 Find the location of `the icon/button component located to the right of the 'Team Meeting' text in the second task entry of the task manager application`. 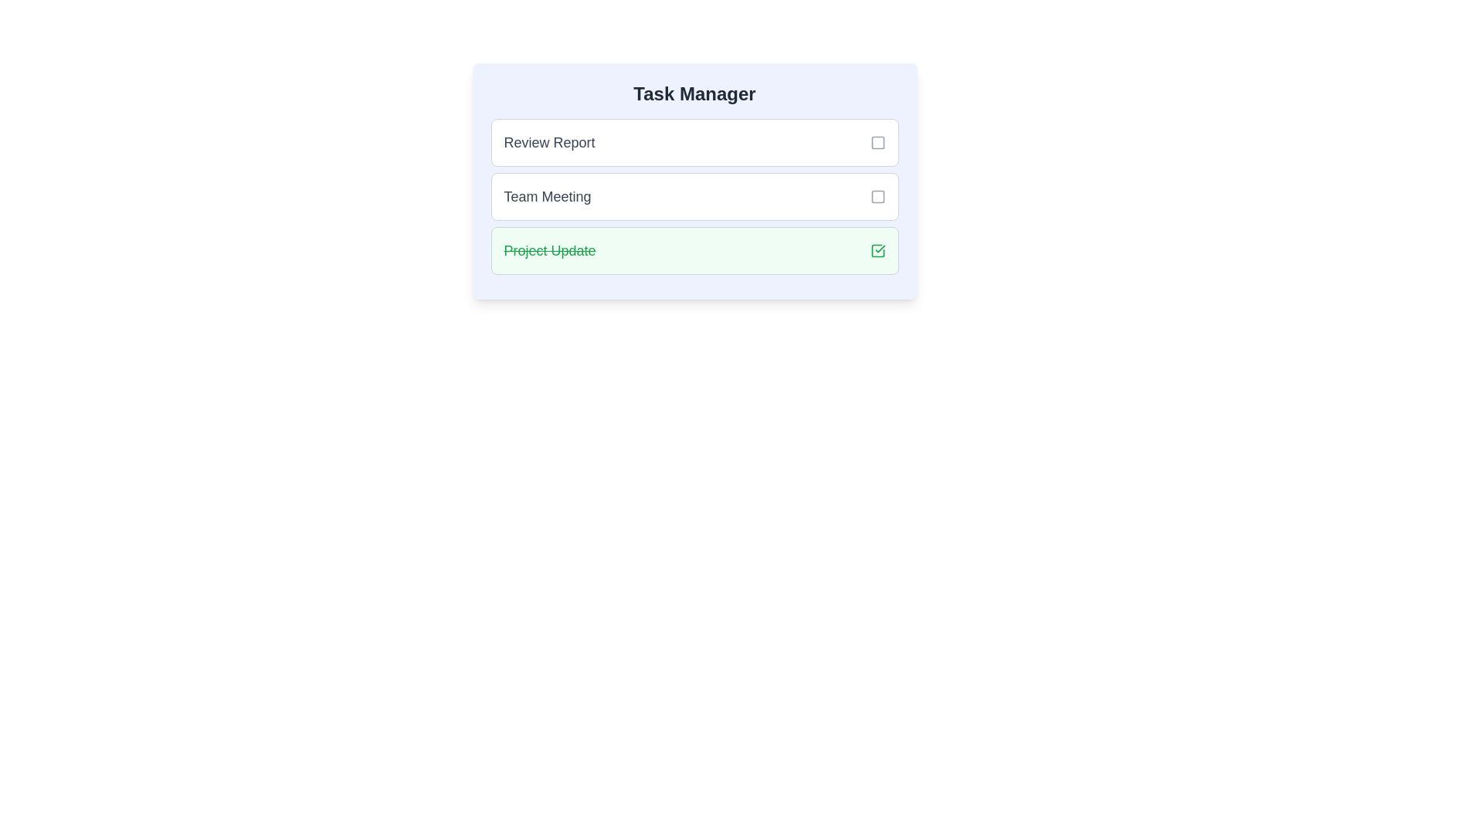

the icon/button component located to the right of the 'Team Meeting' text in the second task entry of the task manager application is located at coordinates (877, 195).